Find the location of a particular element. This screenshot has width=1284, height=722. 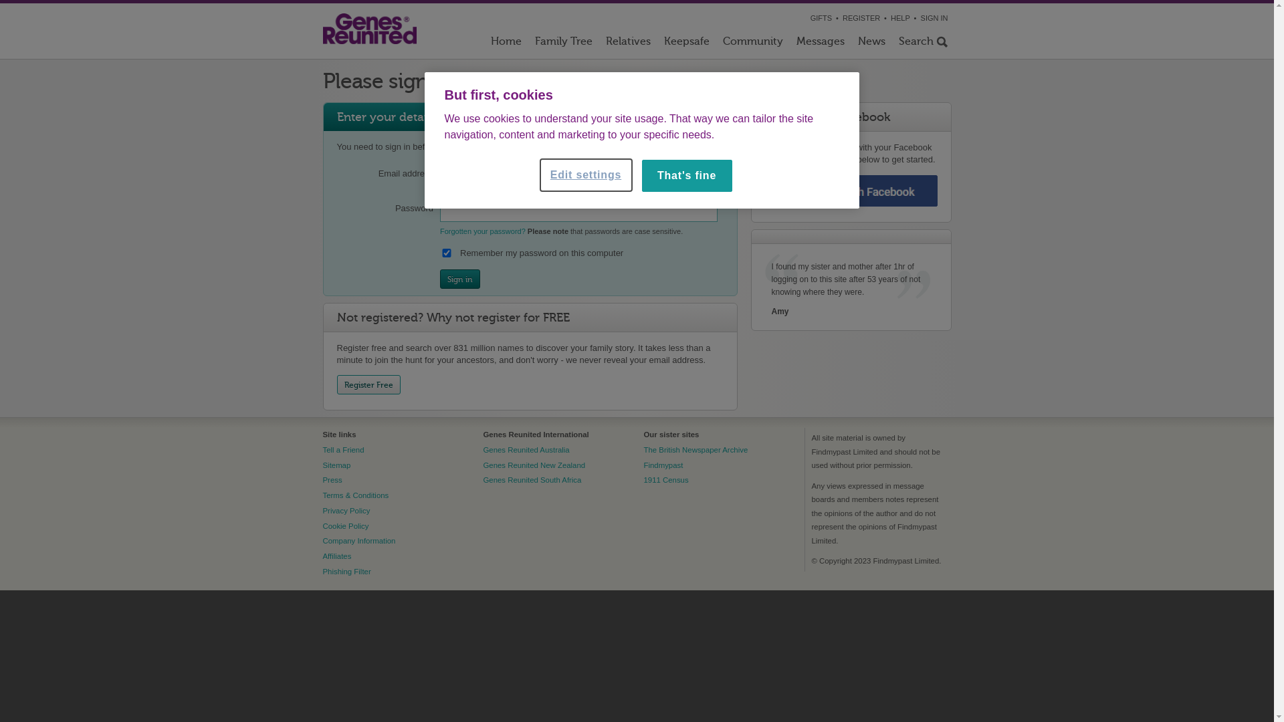

'REGISTER' is located at coordinates (861, 18).